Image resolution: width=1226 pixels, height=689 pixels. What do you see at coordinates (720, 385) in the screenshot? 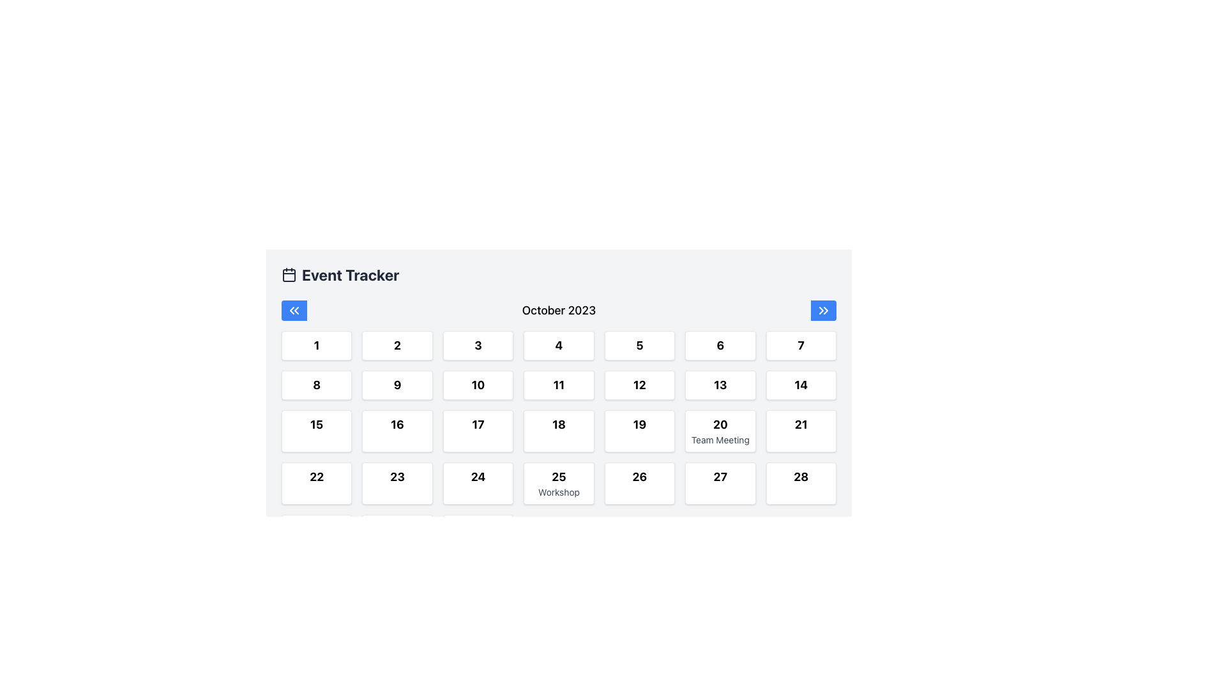
I see `the non-interactive Text Label representing a day in the calendar interface located in the second row and seventh column of the grid` at bounding box center [720, 385].